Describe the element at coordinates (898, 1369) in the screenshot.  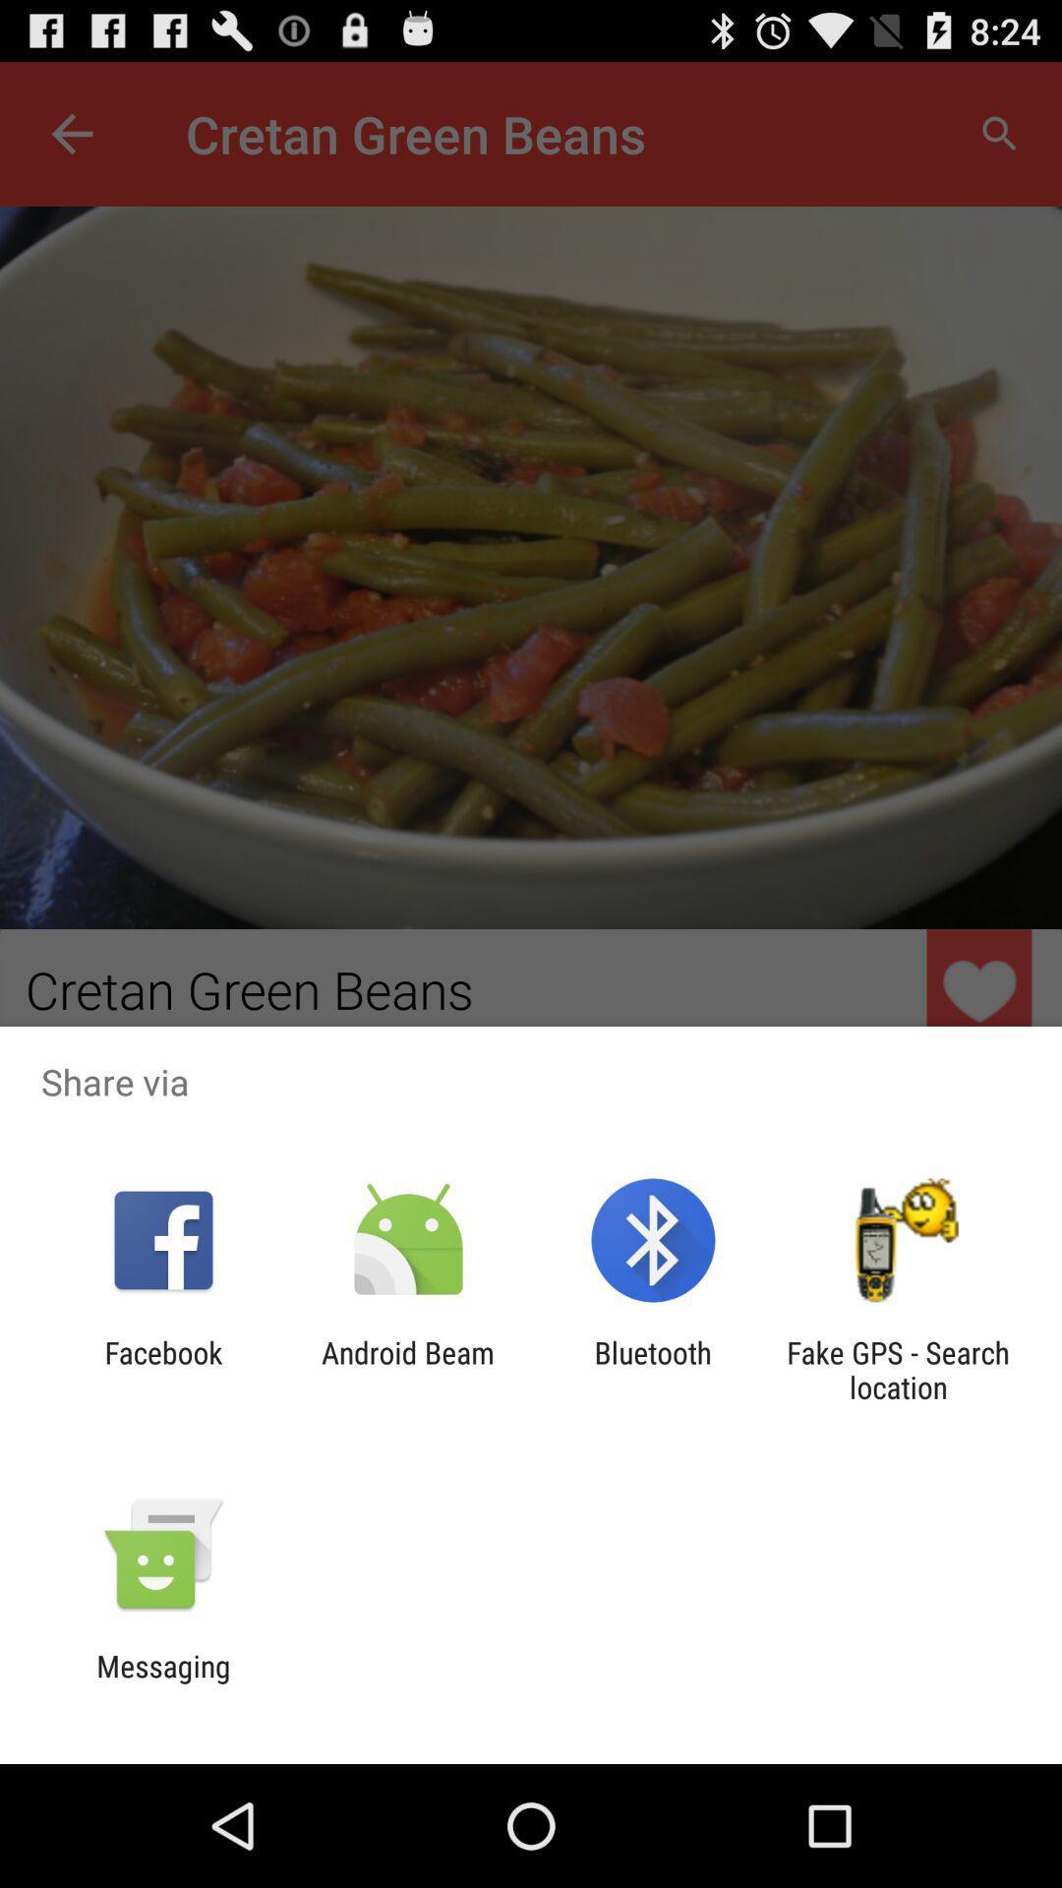
I see `the fake gps search icon` at that location.